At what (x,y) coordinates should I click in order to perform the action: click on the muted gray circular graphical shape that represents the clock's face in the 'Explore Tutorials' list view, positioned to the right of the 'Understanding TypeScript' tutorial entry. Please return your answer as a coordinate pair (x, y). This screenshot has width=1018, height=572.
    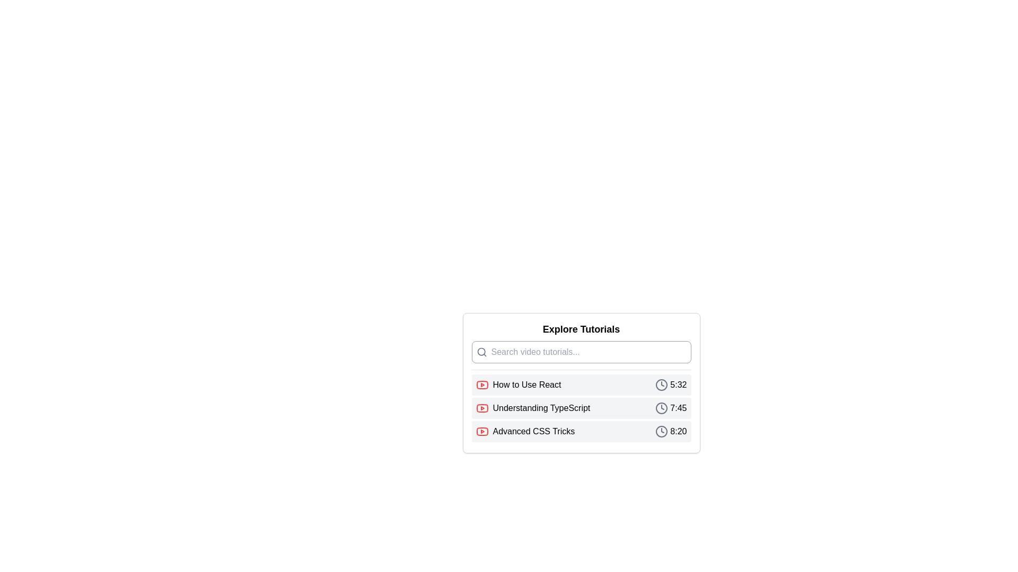
    Looking at the image, I should click on (661, 408).